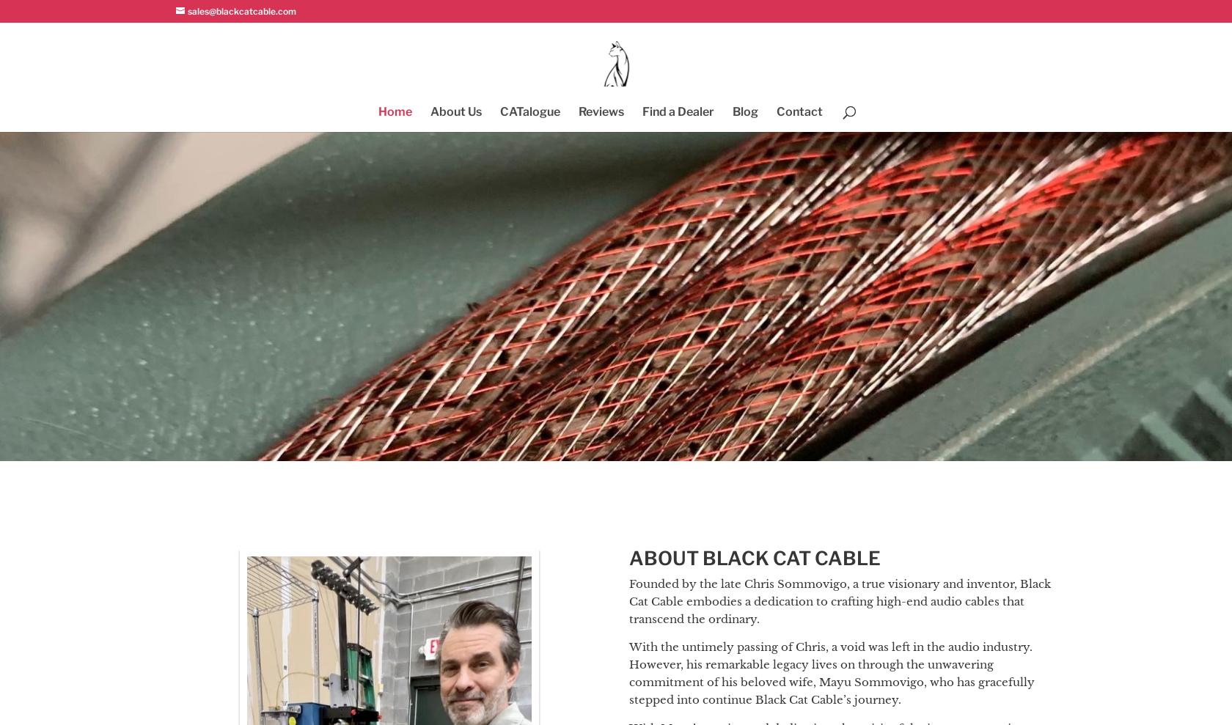 The width and height of the screenshot is (1232, 725). What do you see at coordinates (678, 111) in the screenshot?
I see `'Find a Dealer'` at bounding box center [678, 111].